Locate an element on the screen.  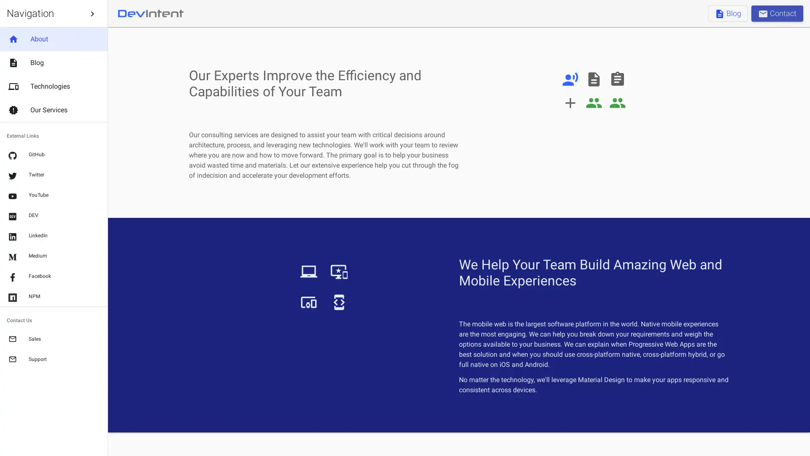
Skip to main content is located at coordinates (92, 13).